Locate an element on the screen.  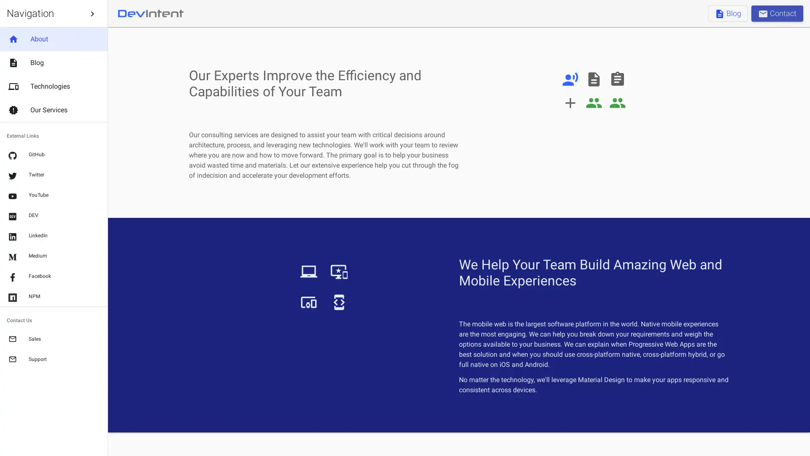
Skip to main content is located at coordinates (92, 13).